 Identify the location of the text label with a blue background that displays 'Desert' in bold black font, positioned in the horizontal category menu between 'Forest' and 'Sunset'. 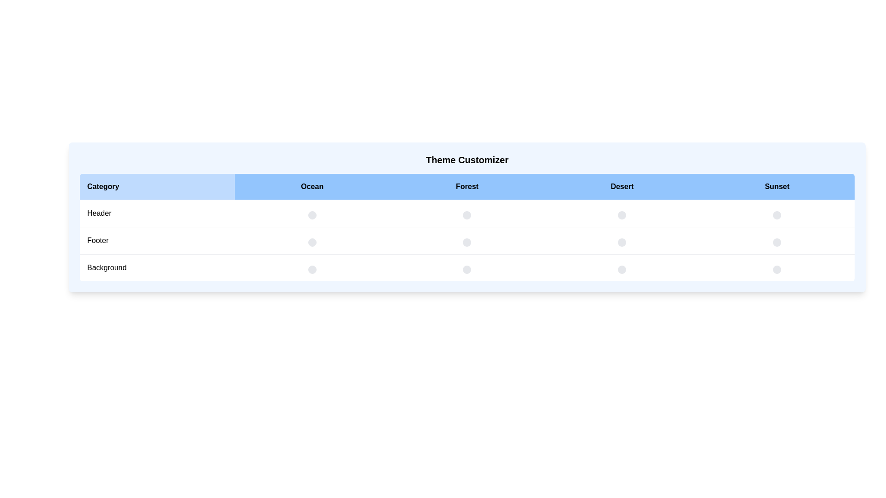
(622, 187).